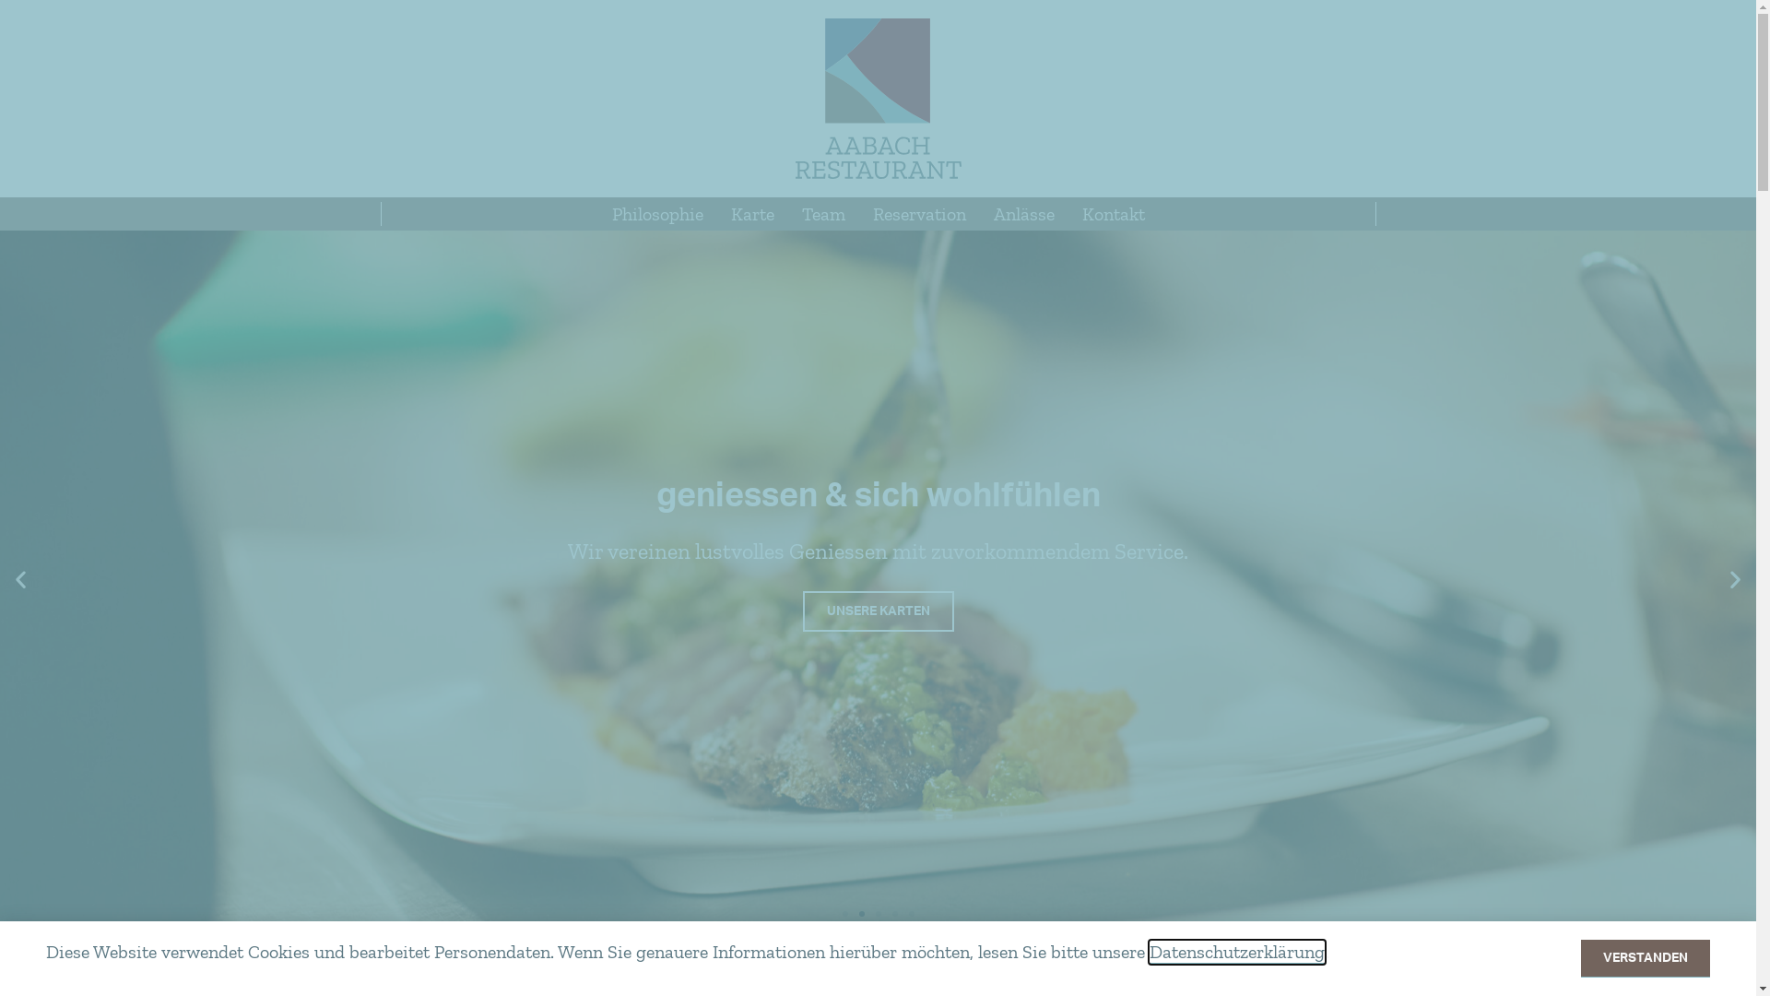  Describe the element at coordinates (656, 212) in the screenshot. I see `'Philosophie'` at that location.